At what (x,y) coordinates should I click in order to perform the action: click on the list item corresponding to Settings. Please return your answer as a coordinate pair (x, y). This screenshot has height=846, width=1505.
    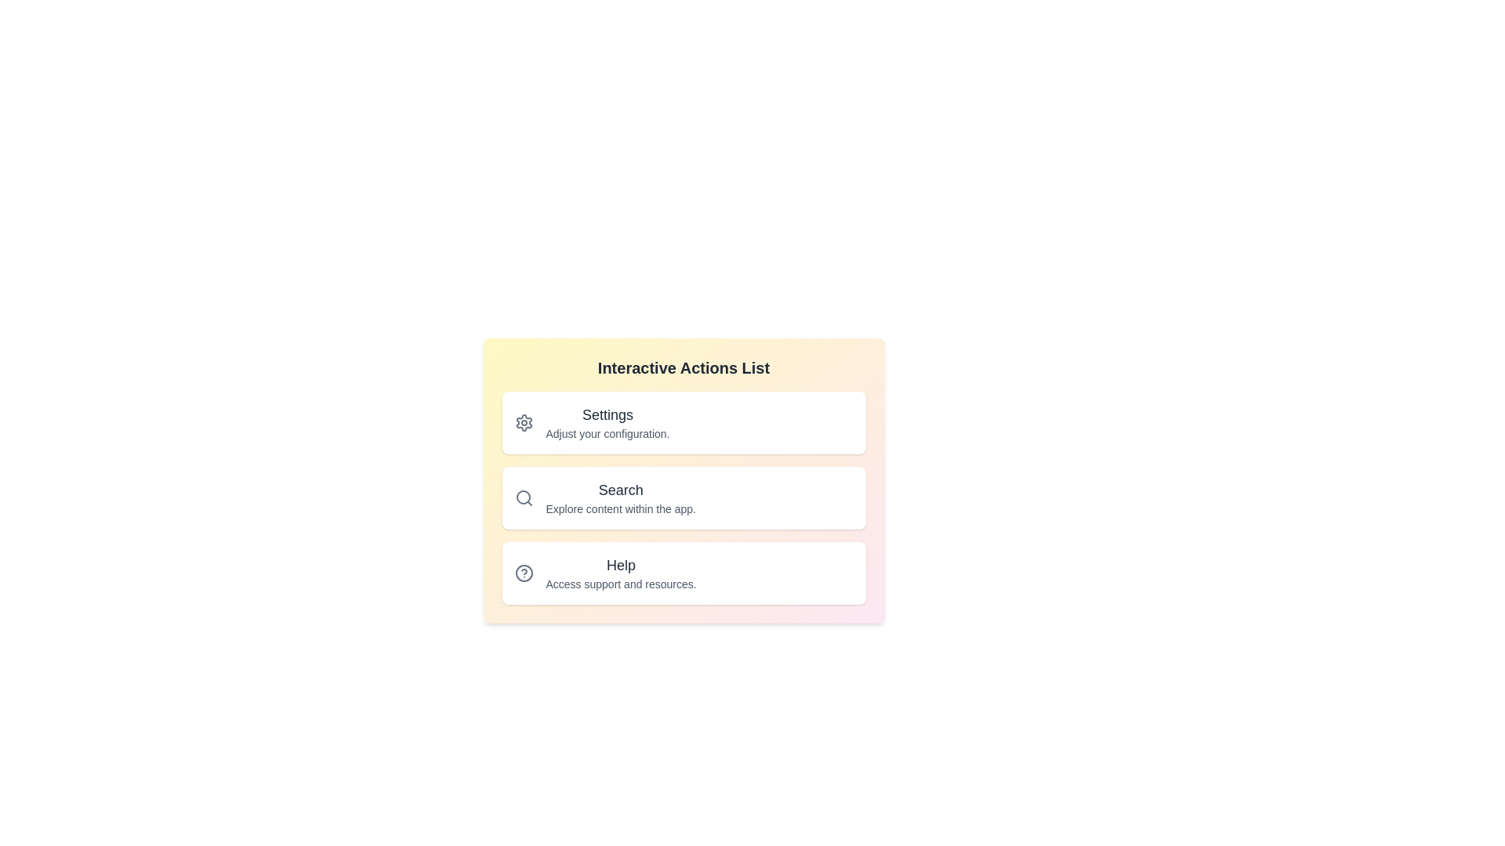
    Looking at the image, I should click on (684, 423).